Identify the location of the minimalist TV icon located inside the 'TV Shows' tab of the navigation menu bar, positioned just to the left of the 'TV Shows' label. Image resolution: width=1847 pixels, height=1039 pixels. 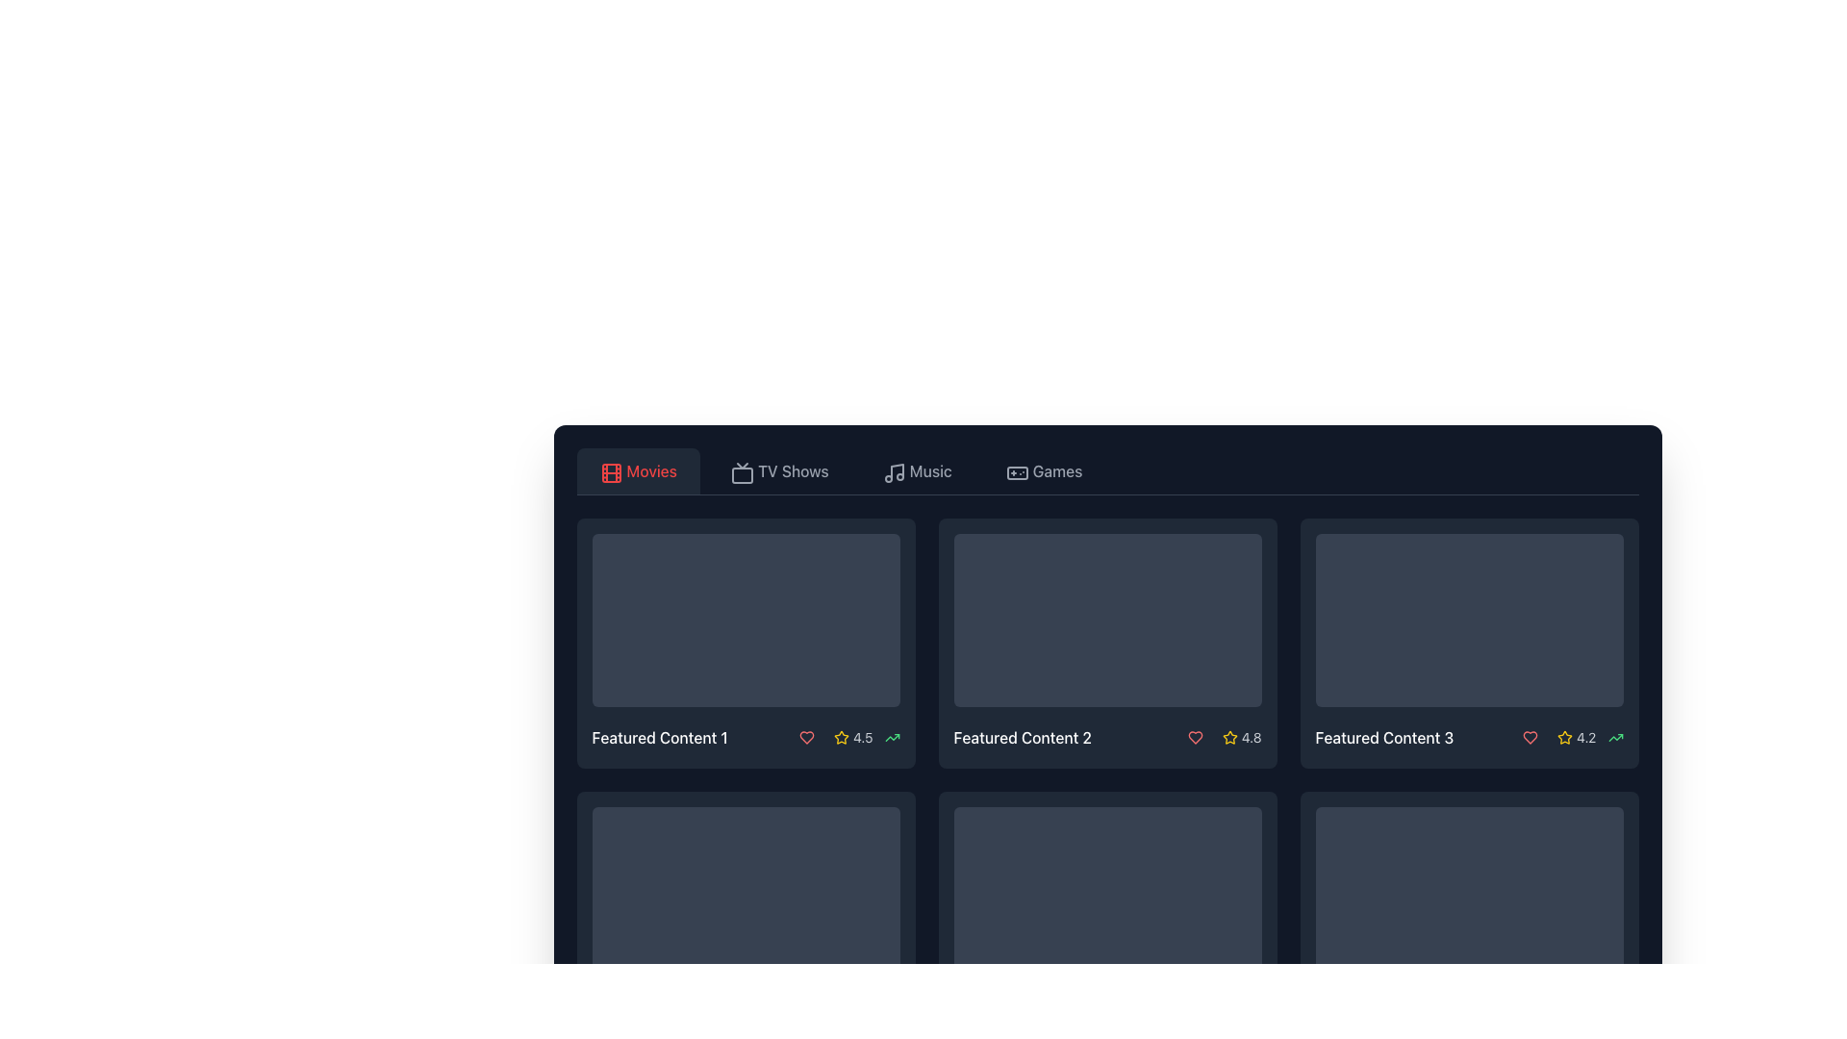
(740, 470).